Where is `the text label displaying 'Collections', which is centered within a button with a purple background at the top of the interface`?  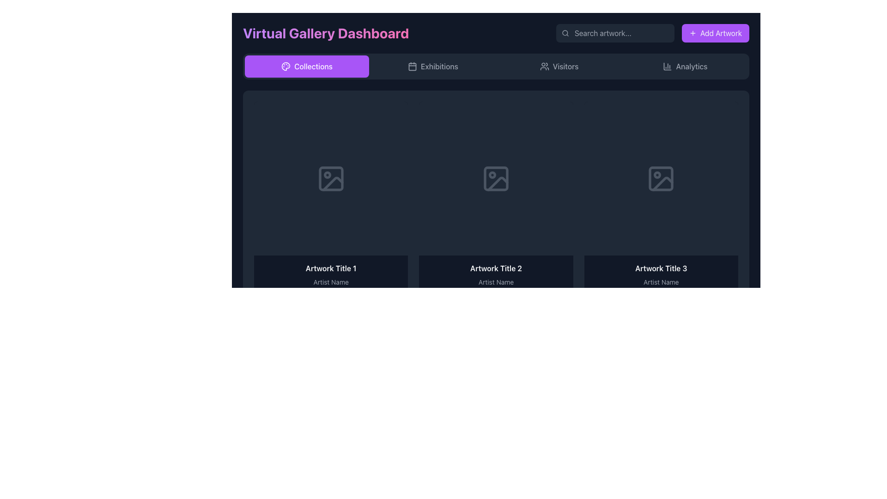 the text label displaying 'Collections', which is centered within a button with a purple background at the top of the interface is located at coordinates (313, 66).